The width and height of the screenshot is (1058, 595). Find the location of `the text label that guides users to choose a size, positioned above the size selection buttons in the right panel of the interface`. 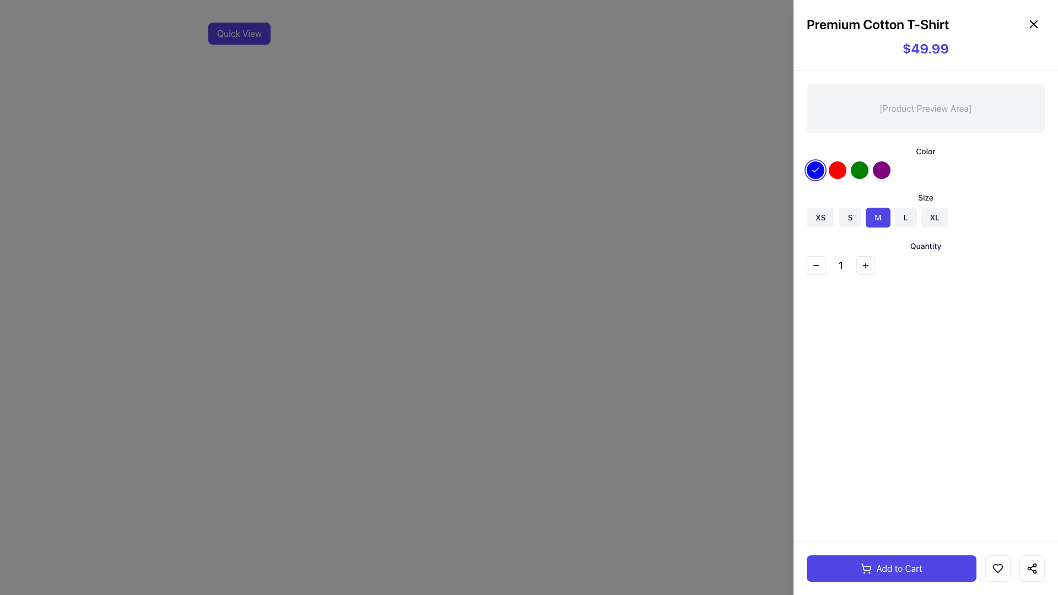

the text label that guides users to choose a size, positioned above the size selection buttons in the right panel of the interface is located at coordinates (926, 197).